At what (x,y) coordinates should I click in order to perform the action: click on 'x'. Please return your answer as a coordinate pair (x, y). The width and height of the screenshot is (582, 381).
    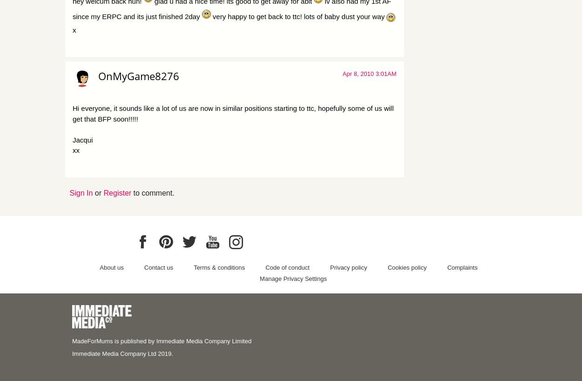
    Looking at the image, I should click on (74, 29).